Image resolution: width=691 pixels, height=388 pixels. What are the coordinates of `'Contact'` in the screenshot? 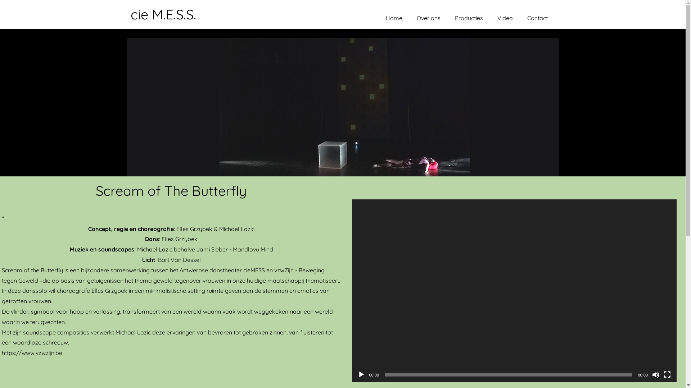 It's located at (537, 18).